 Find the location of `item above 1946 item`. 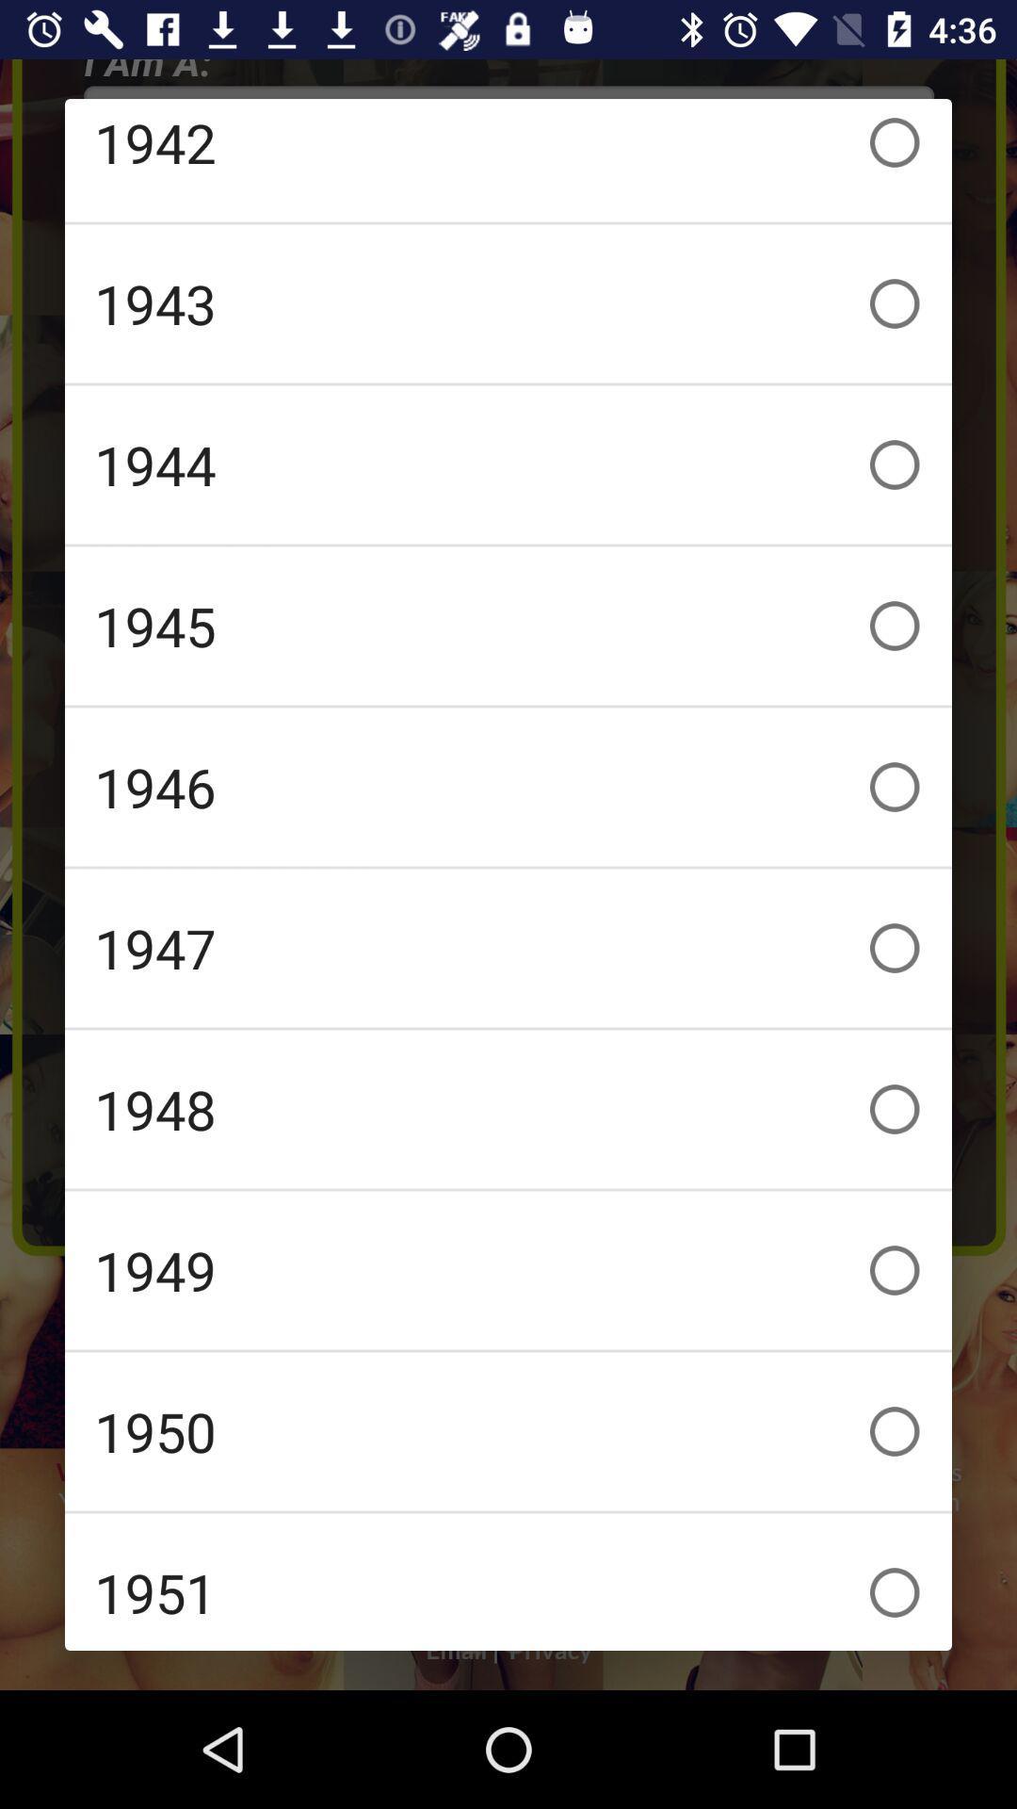

item above 1946 item is located at coordinates (508, 626).